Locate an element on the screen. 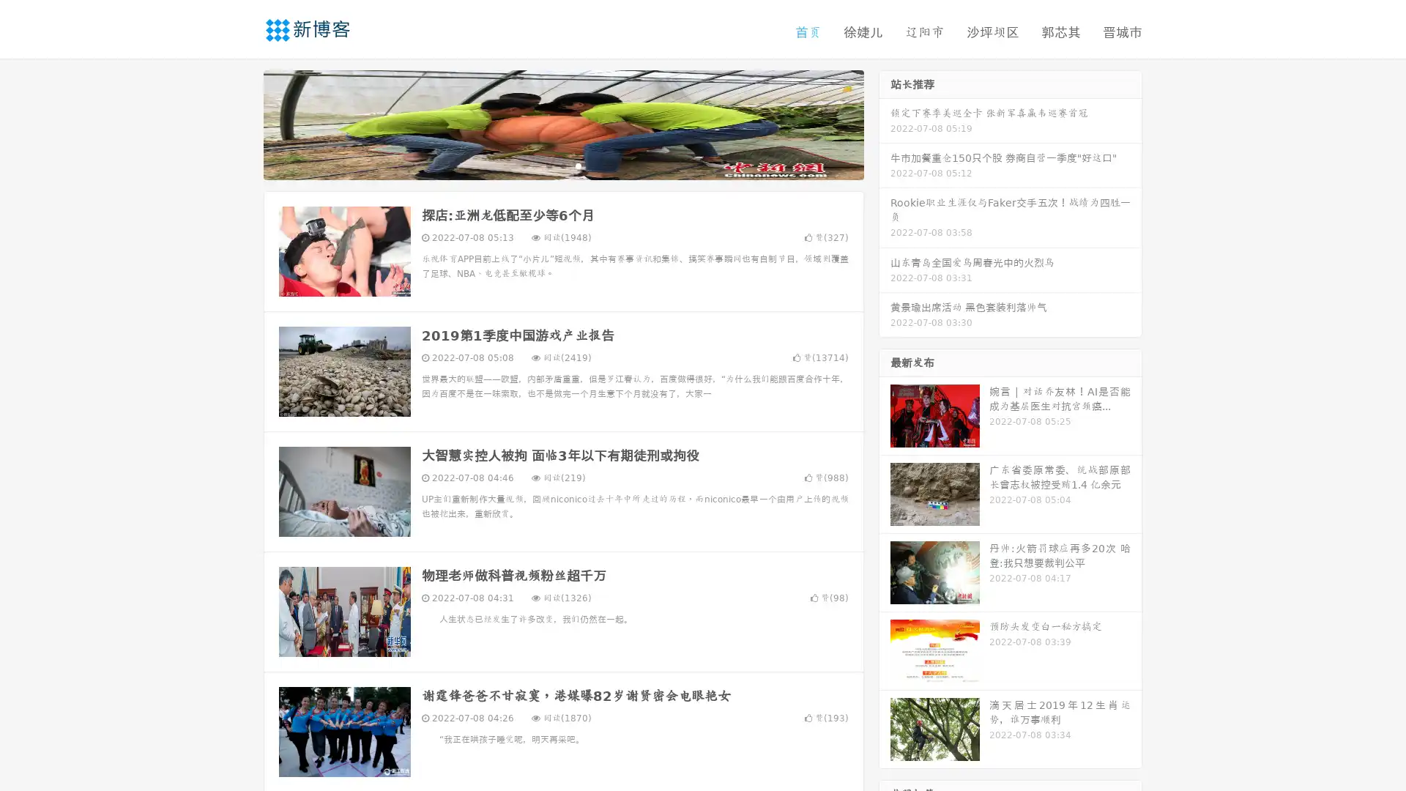 Image resolution: width=1406 pixels, height=791 pixels. Go to slide 1 is located at coordinates (548, 165).